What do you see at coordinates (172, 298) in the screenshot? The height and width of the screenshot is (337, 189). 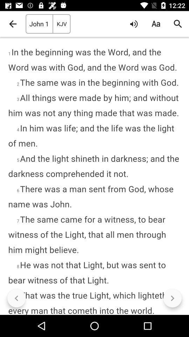 I see `the arrow_forward icon` at bounding box center [172, 298].